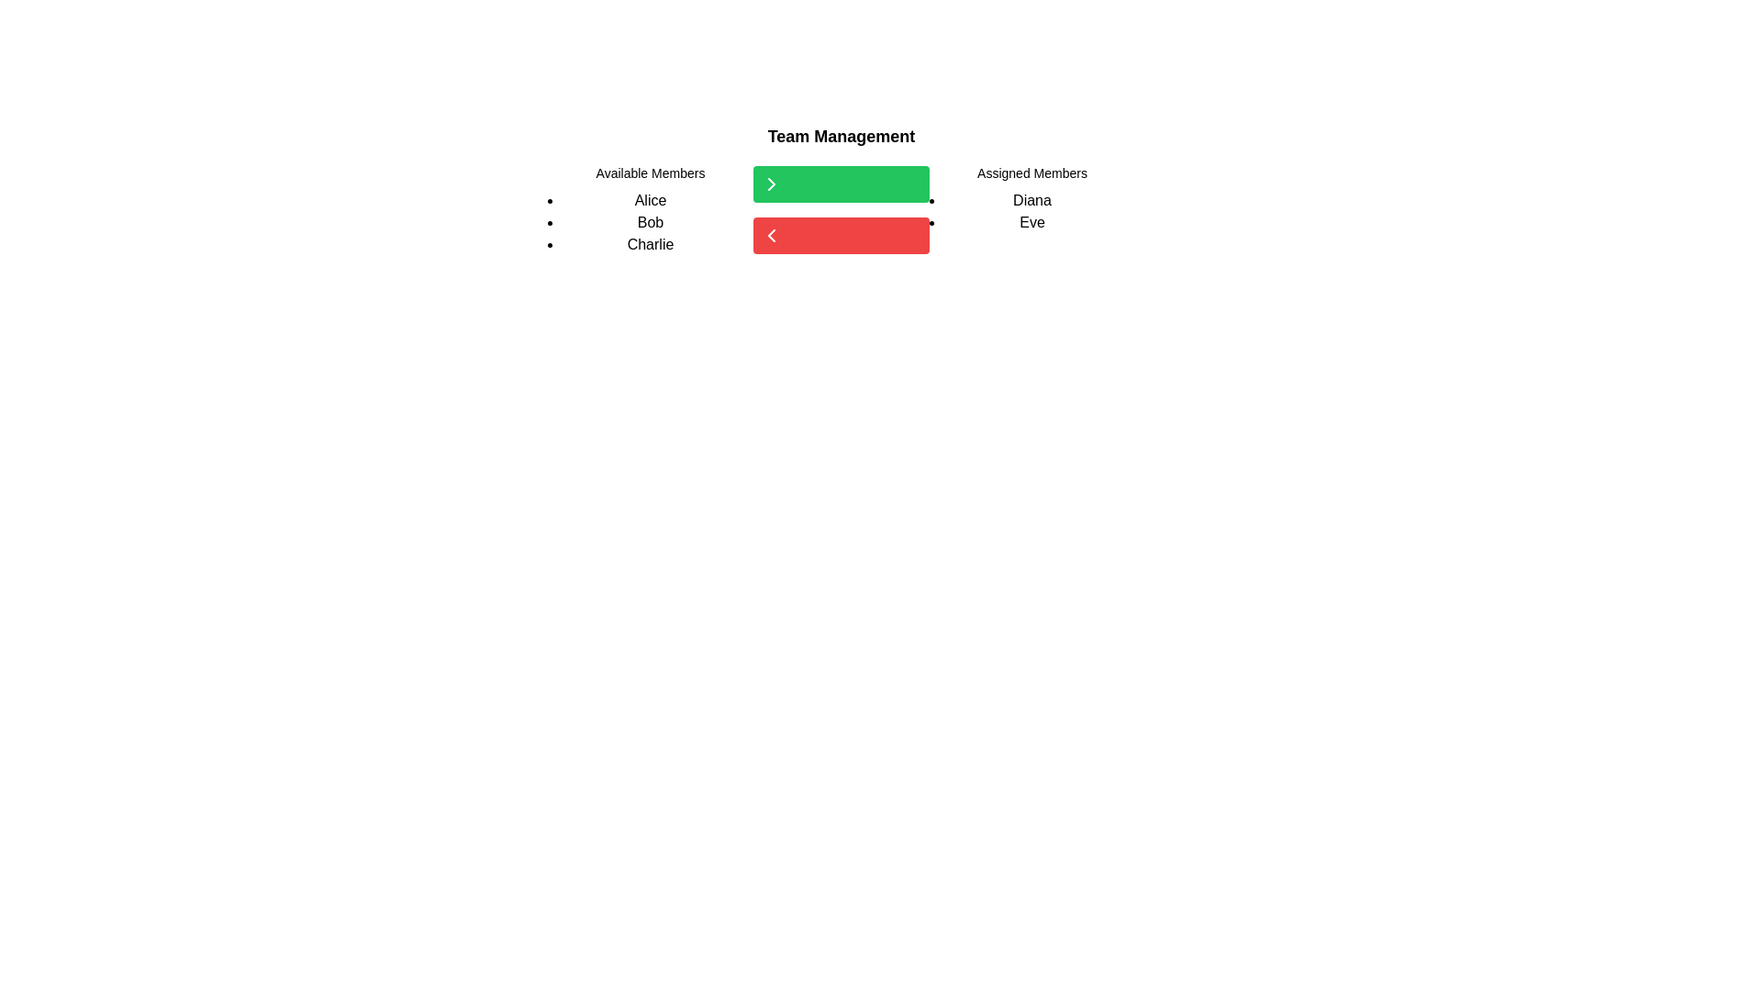 The height and width of the screenshot is (991, 1762). I want to click on the text label displaying 'Alice' in bold font, which is the first entry under the 'Available Members' section, so click(651, 201).